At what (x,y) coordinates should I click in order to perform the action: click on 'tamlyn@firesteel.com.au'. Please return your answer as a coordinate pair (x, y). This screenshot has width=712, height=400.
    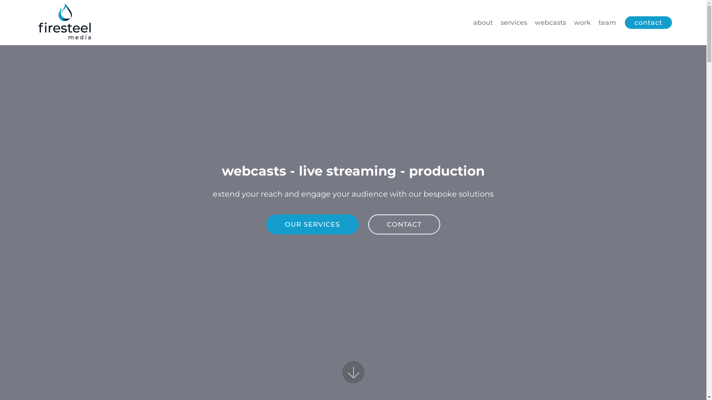
    Looking at the image, I should click on (396, 316).